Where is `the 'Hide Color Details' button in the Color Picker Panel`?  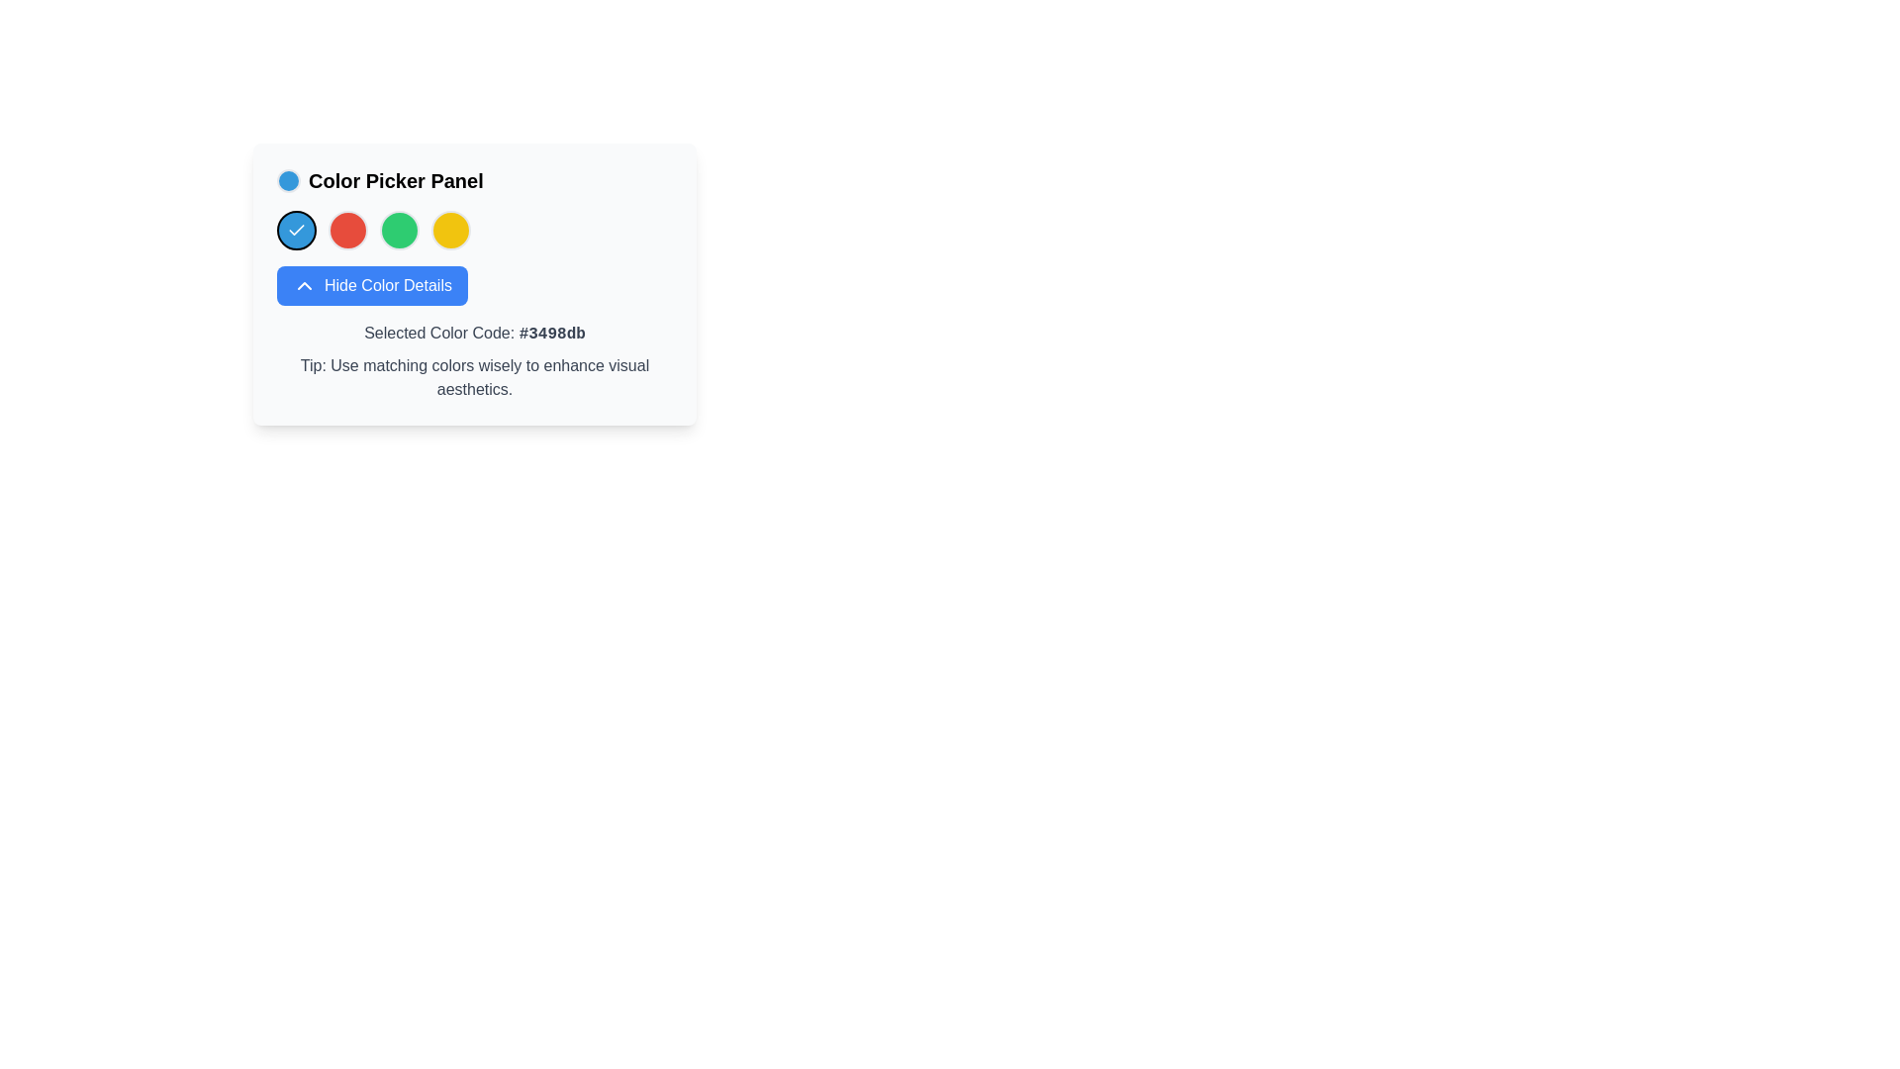 the 'Hide Color Details' button in the Color Picker Panel is located at coordinates (372, 286).